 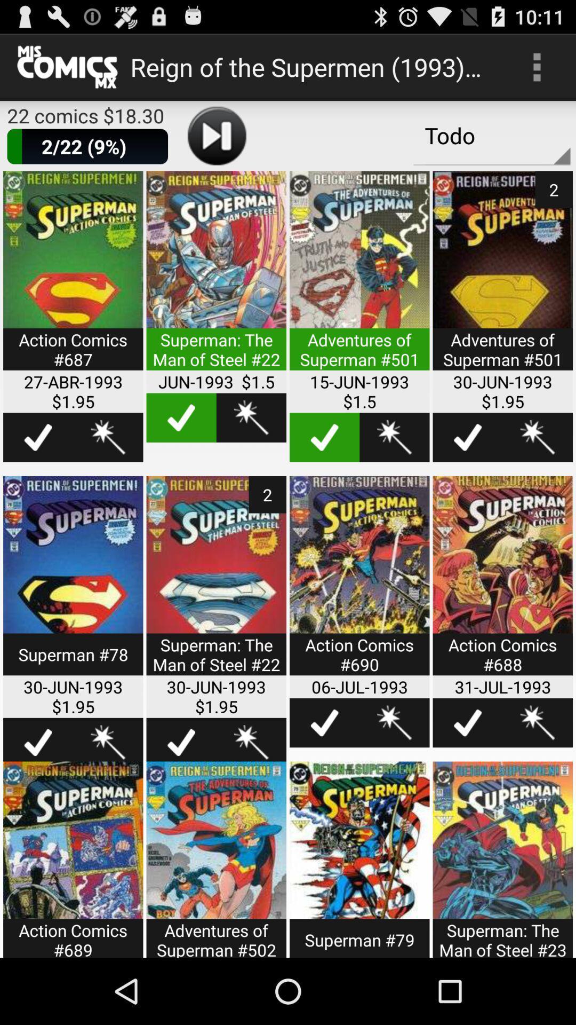 What do you see at coordinates (108, 437) in the screenshot?
I see `wishlist` at bounding box center [108, 437].